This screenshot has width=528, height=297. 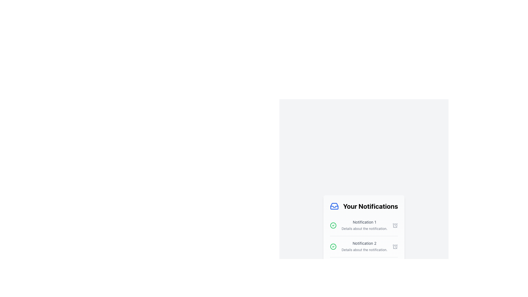 What do you see at coordinates (395, 246) in the screenshot?
I see `the alarm clock icon, which is part of the 'Notification 2' entry in the 'Your Notifications' section, positioned to the far right of the text` at bounding box center [395, 246].